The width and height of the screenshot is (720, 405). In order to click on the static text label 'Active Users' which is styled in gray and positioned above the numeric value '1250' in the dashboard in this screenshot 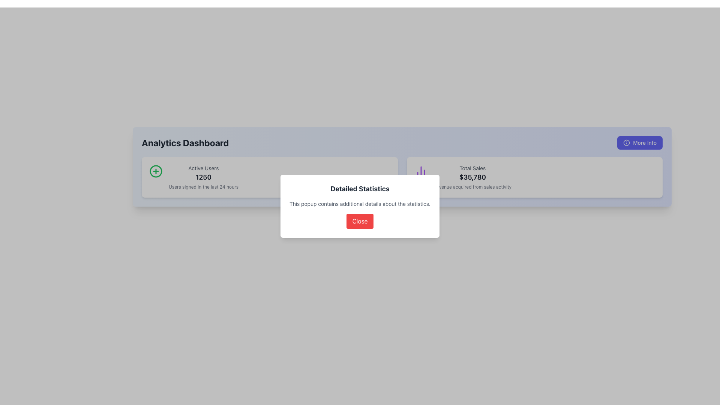, I will do `click(203, 168)`.